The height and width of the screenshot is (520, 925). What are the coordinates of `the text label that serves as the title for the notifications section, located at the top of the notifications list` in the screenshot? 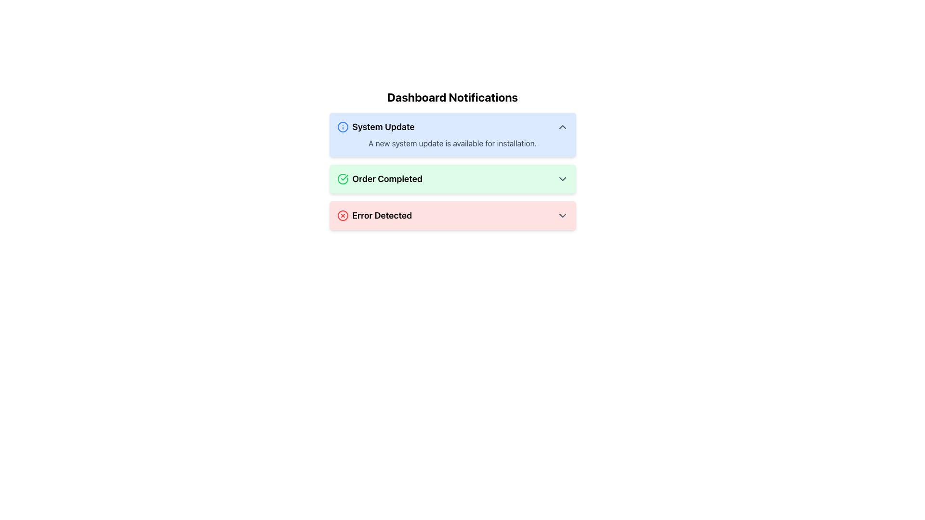 It's located at (452, 97).